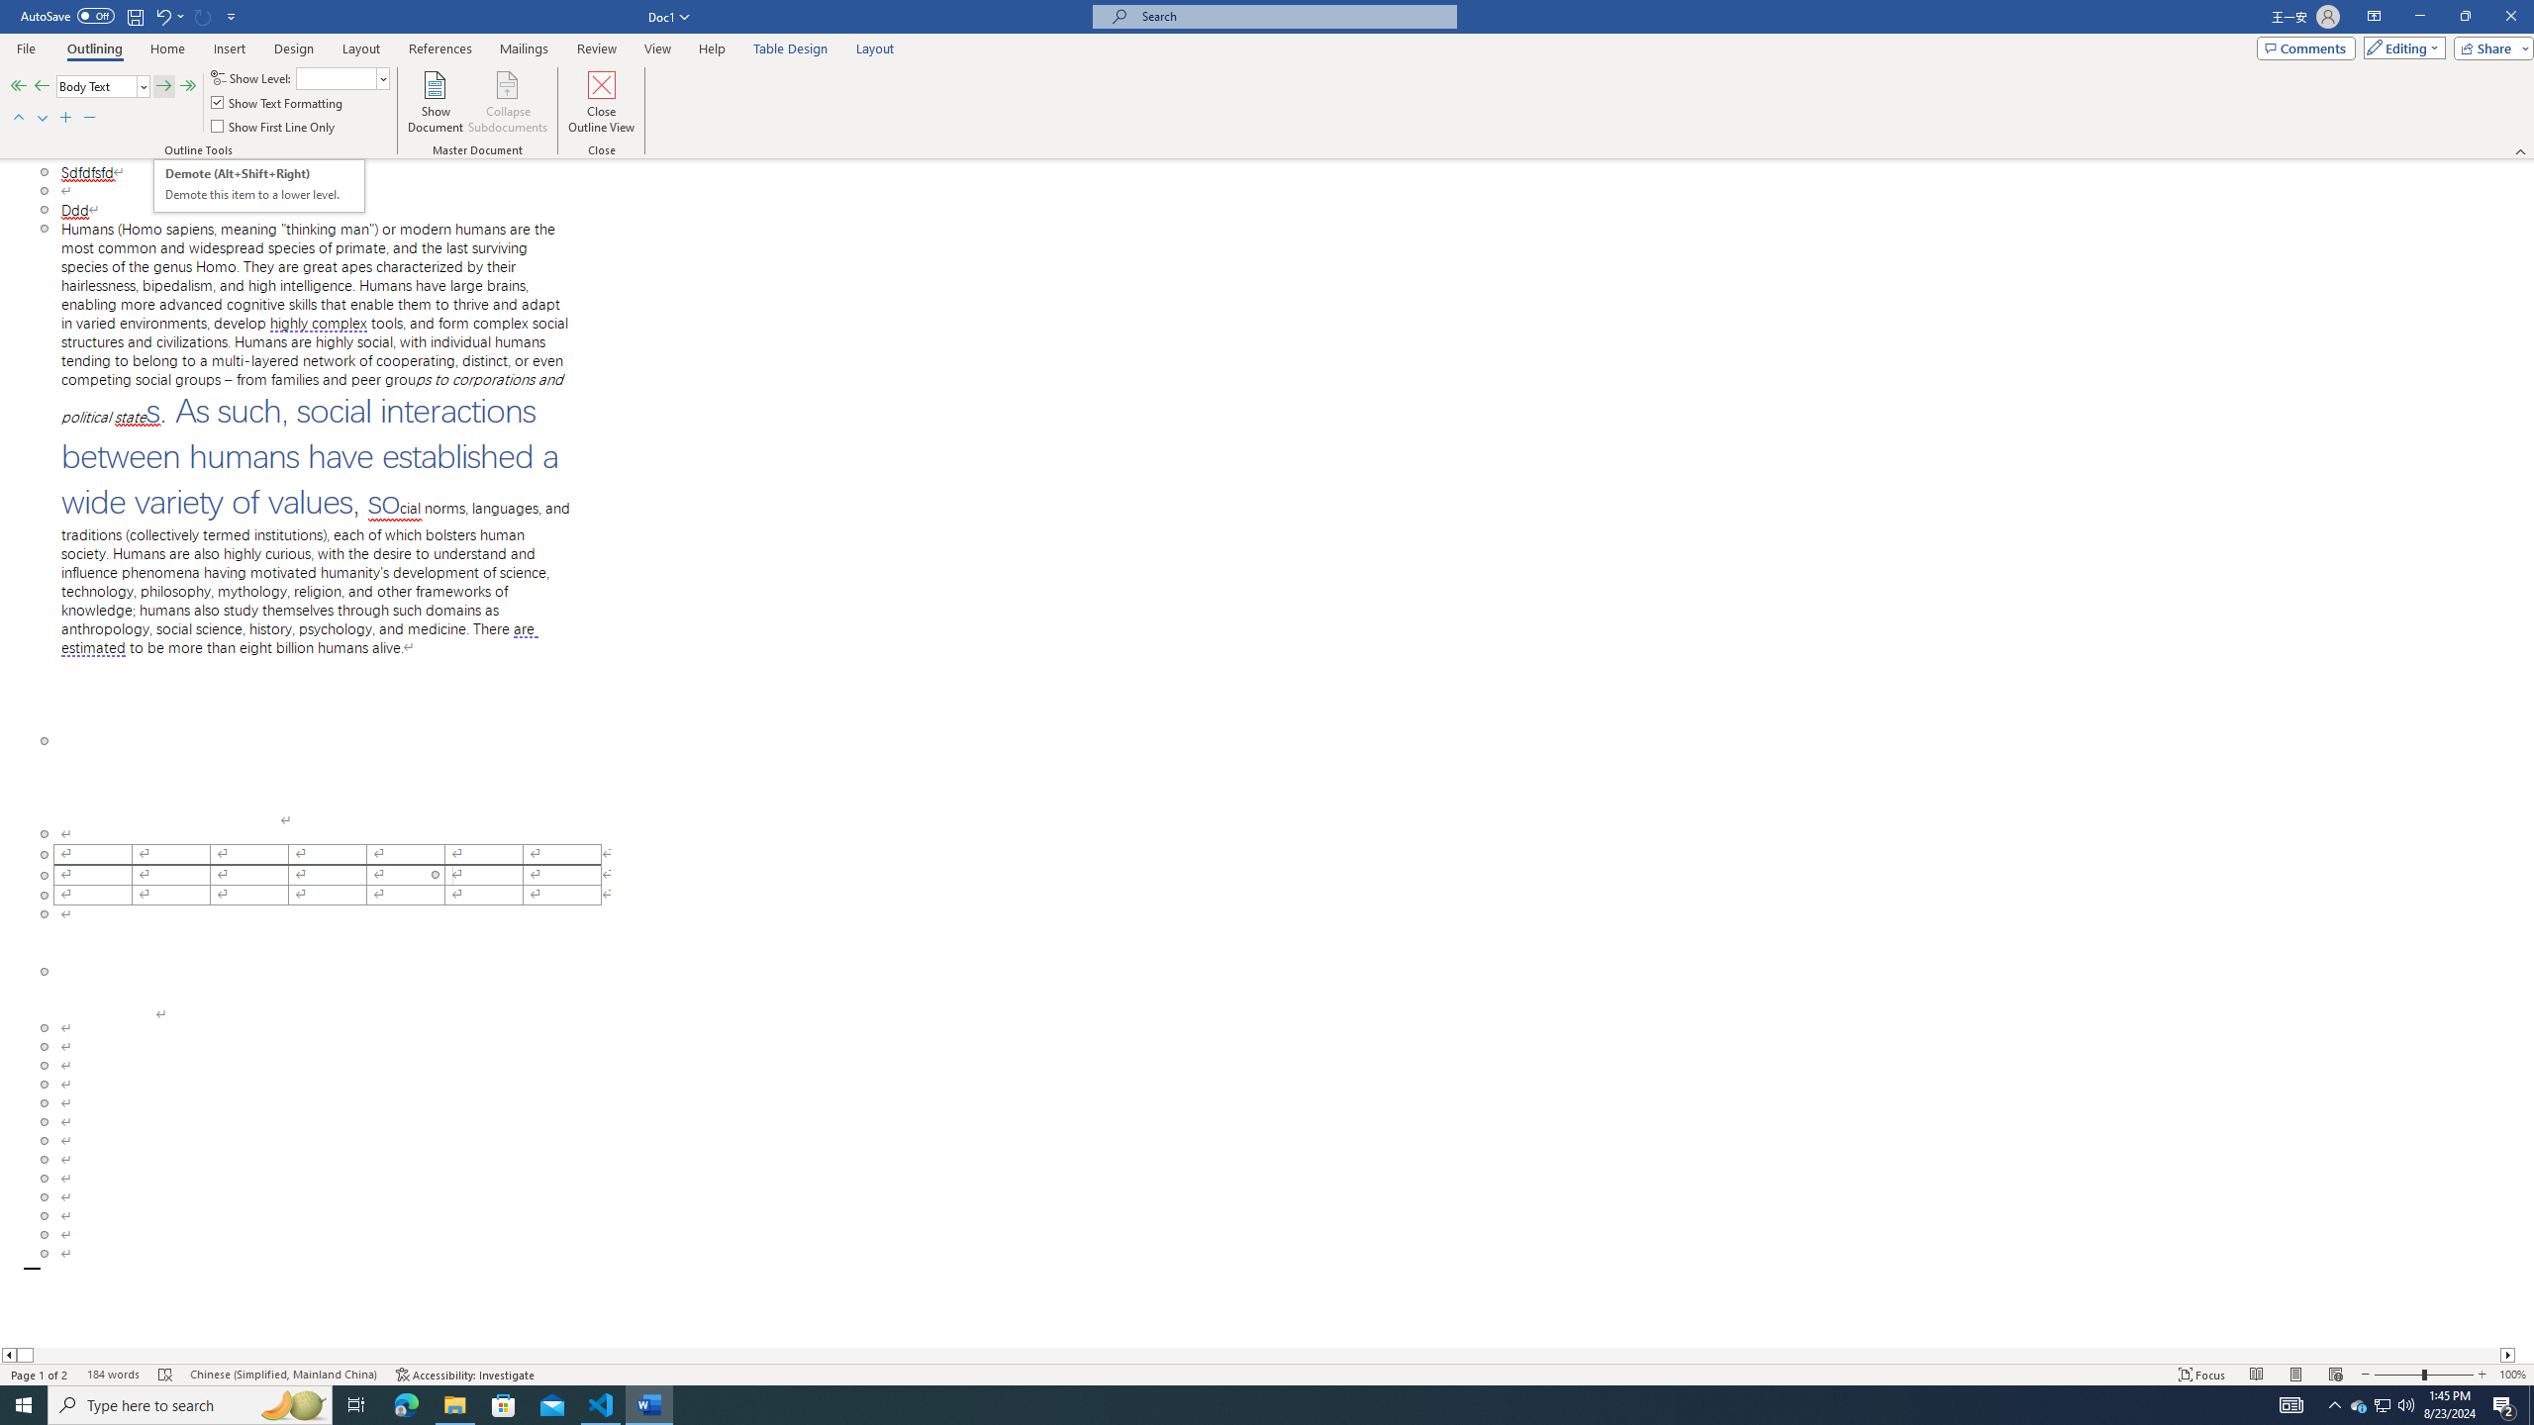  I want to click on 'Show Document', so click(436, 102).